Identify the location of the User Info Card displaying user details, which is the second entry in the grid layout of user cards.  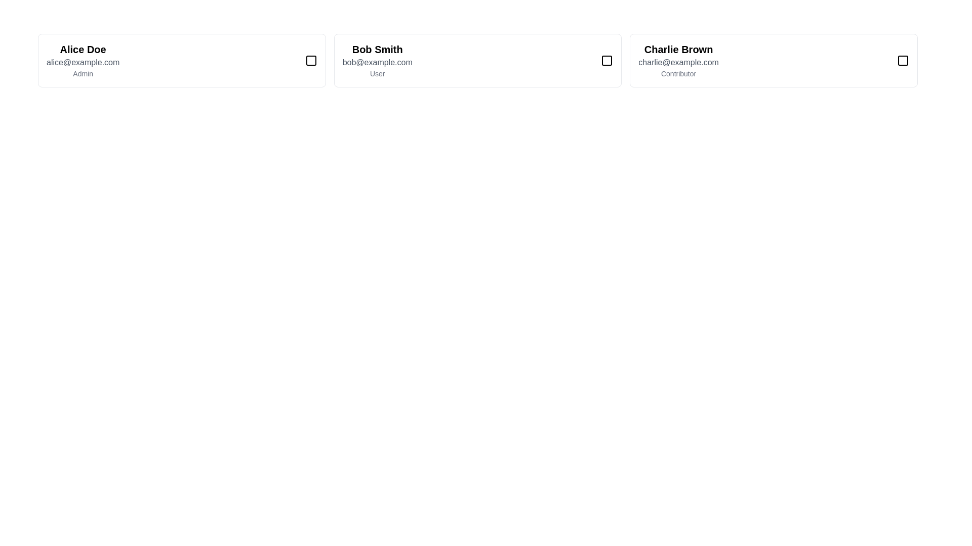
(477, 60).